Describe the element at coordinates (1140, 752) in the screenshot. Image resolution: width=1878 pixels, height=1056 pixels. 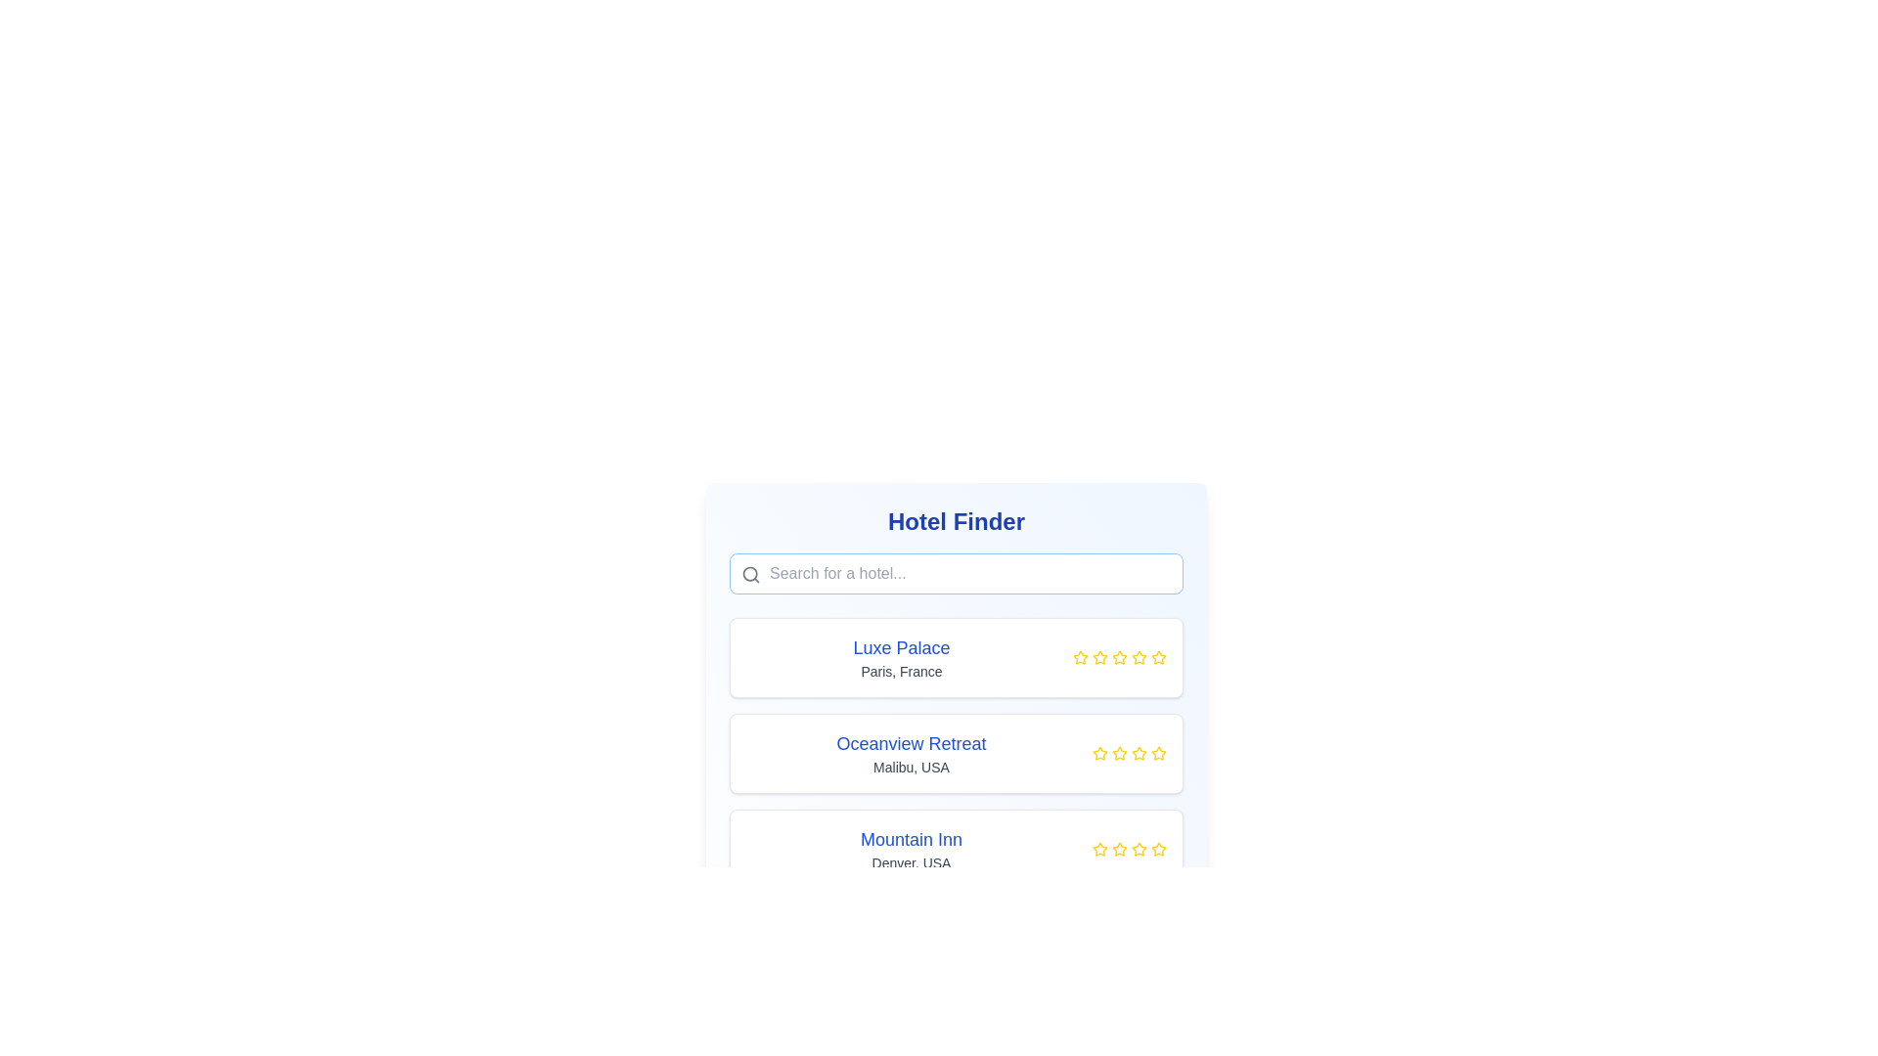
I see `the third star icon in the rating system for the 'Oceanview Retreat, Malibu, USA' hotel` at that location.